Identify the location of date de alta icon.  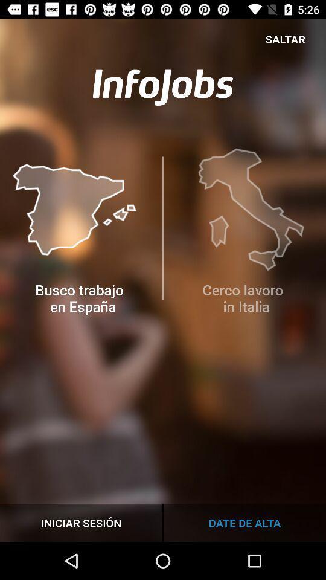
(245, 522).